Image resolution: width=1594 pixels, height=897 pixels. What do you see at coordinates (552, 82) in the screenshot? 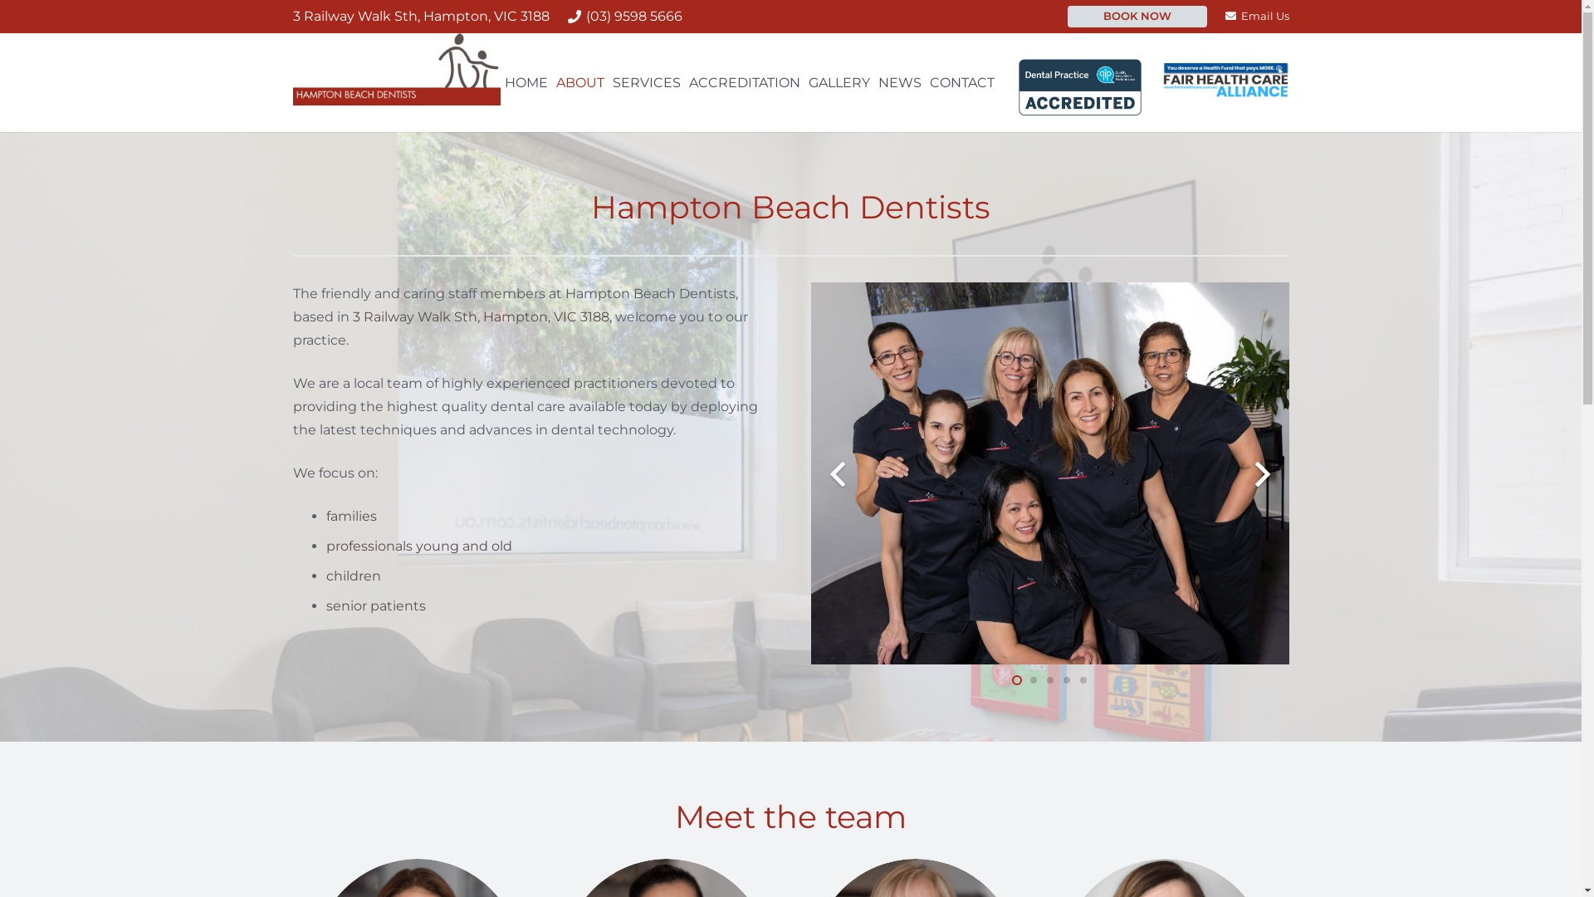
I see `'ABOUT'` at bounding box center [552, 82].